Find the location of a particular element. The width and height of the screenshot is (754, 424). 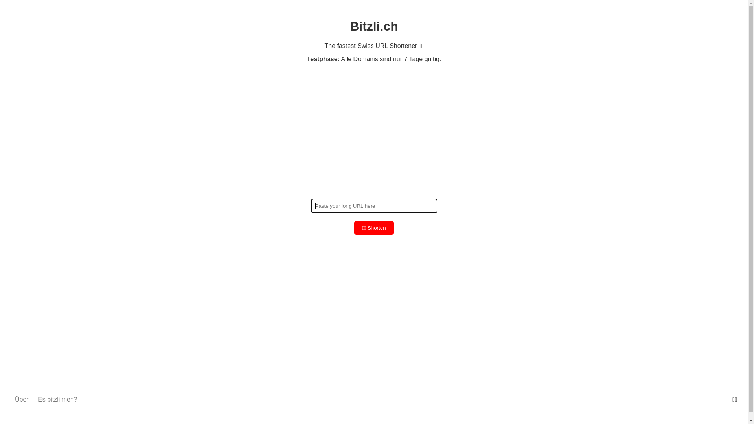

'Es bitzli meh?' is located at coordinates (37, 399).